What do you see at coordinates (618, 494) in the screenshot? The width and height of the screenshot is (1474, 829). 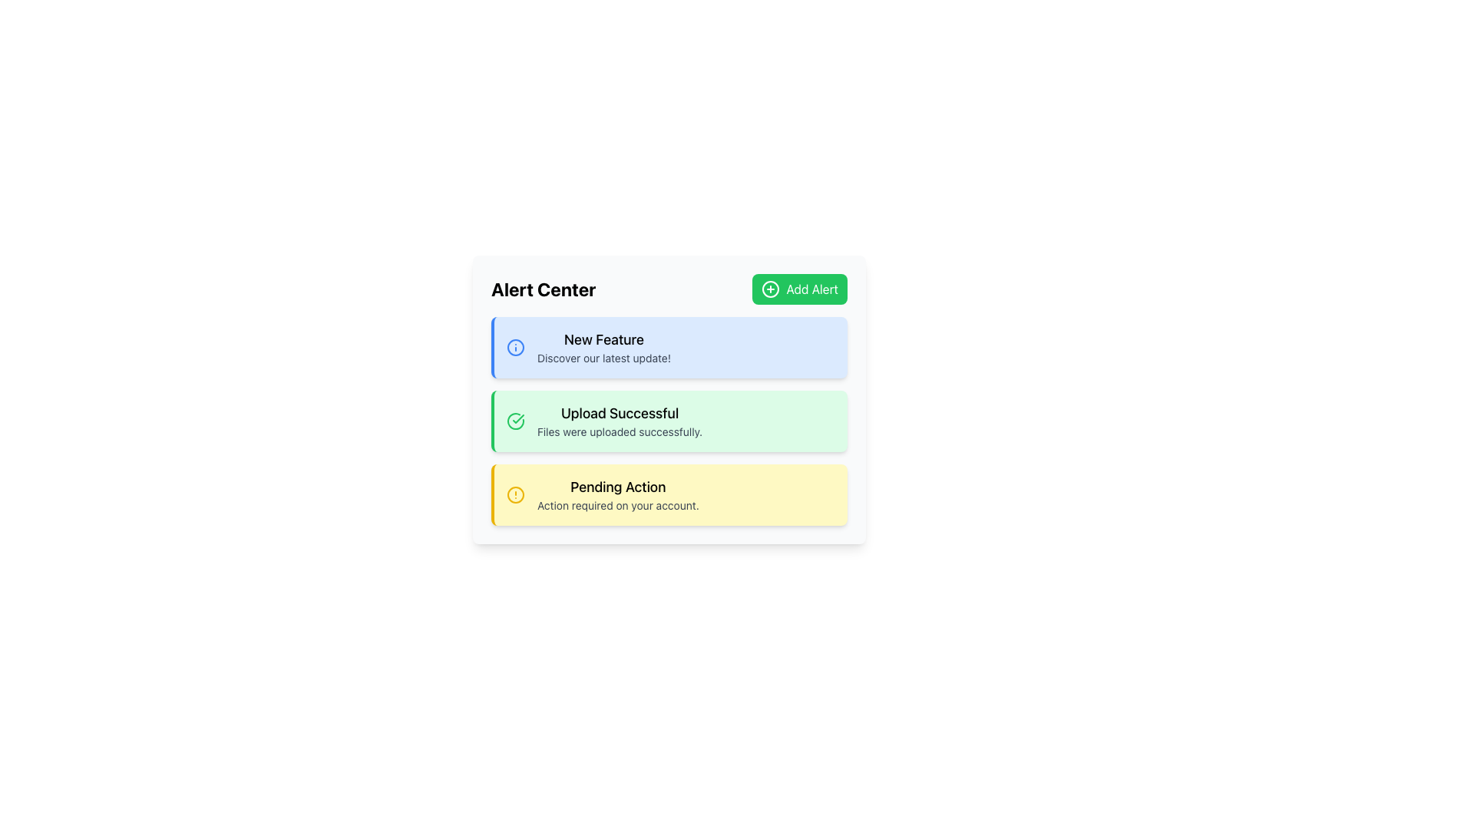 I see `the 'Pending Action' textual notification element, which is the main text in the third alert box of the Alert Center interface, displayed on a yellow background` at bounding box center [618, 494].